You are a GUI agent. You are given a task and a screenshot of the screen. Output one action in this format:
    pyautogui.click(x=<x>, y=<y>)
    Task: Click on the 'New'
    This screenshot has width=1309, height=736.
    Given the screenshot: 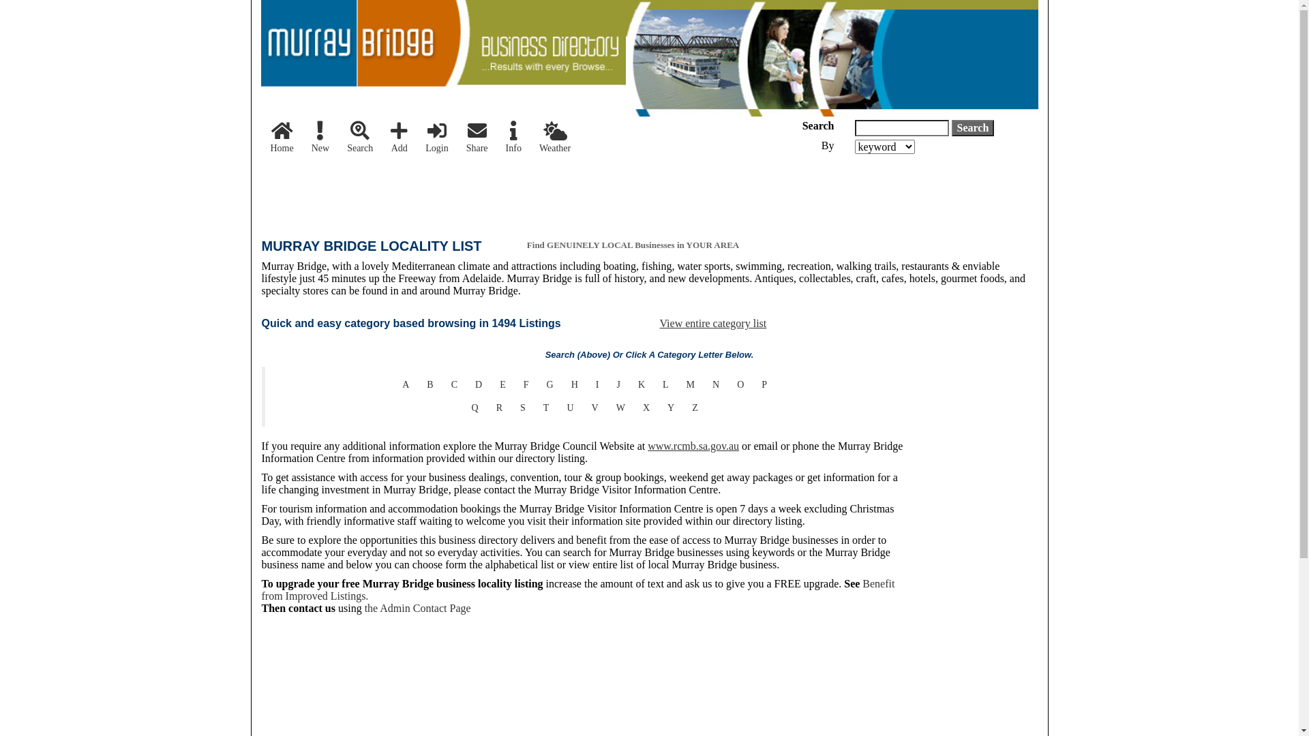 What is the action you would take?
    pyautogui.click(x=320, y=138)
    